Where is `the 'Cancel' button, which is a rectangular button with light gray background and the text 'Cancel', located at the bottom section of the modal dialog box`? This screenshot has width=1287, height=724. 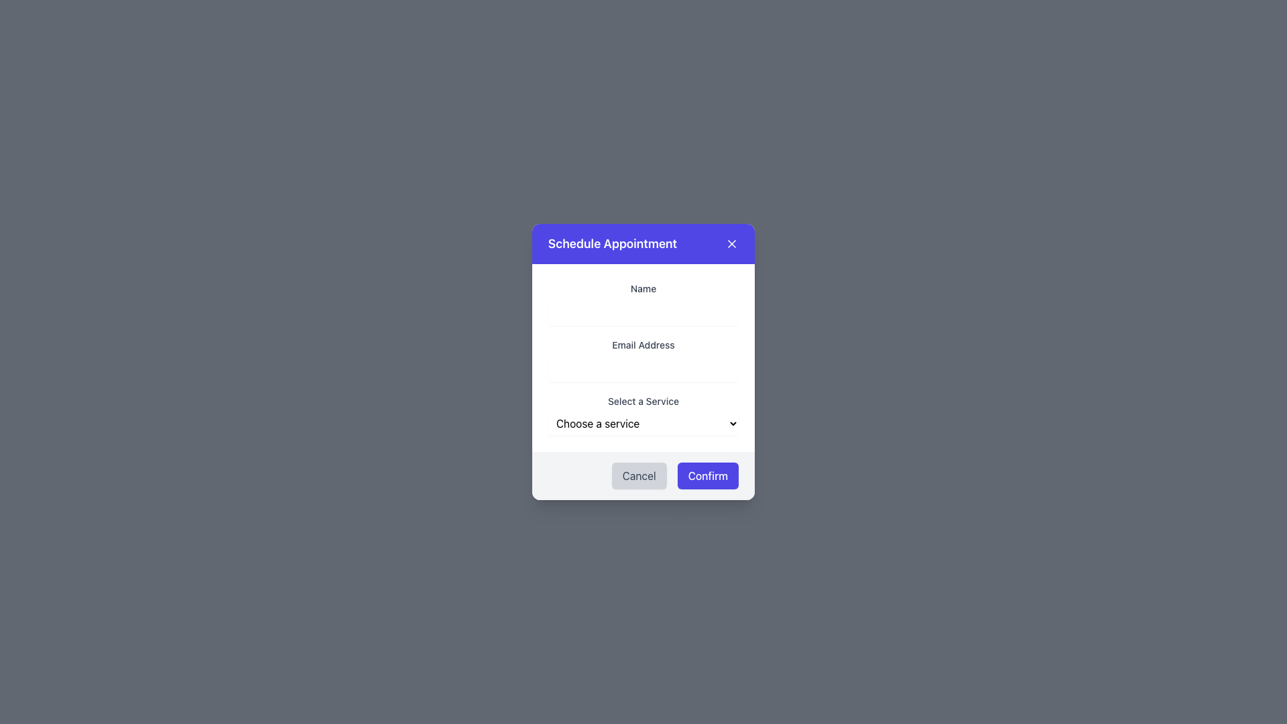
the 'Cancel' button, which is a rectangular button with light gray background and the text 'Cancel', located at the bottom section of the modal dialog box is located at coordinates (638, 475).